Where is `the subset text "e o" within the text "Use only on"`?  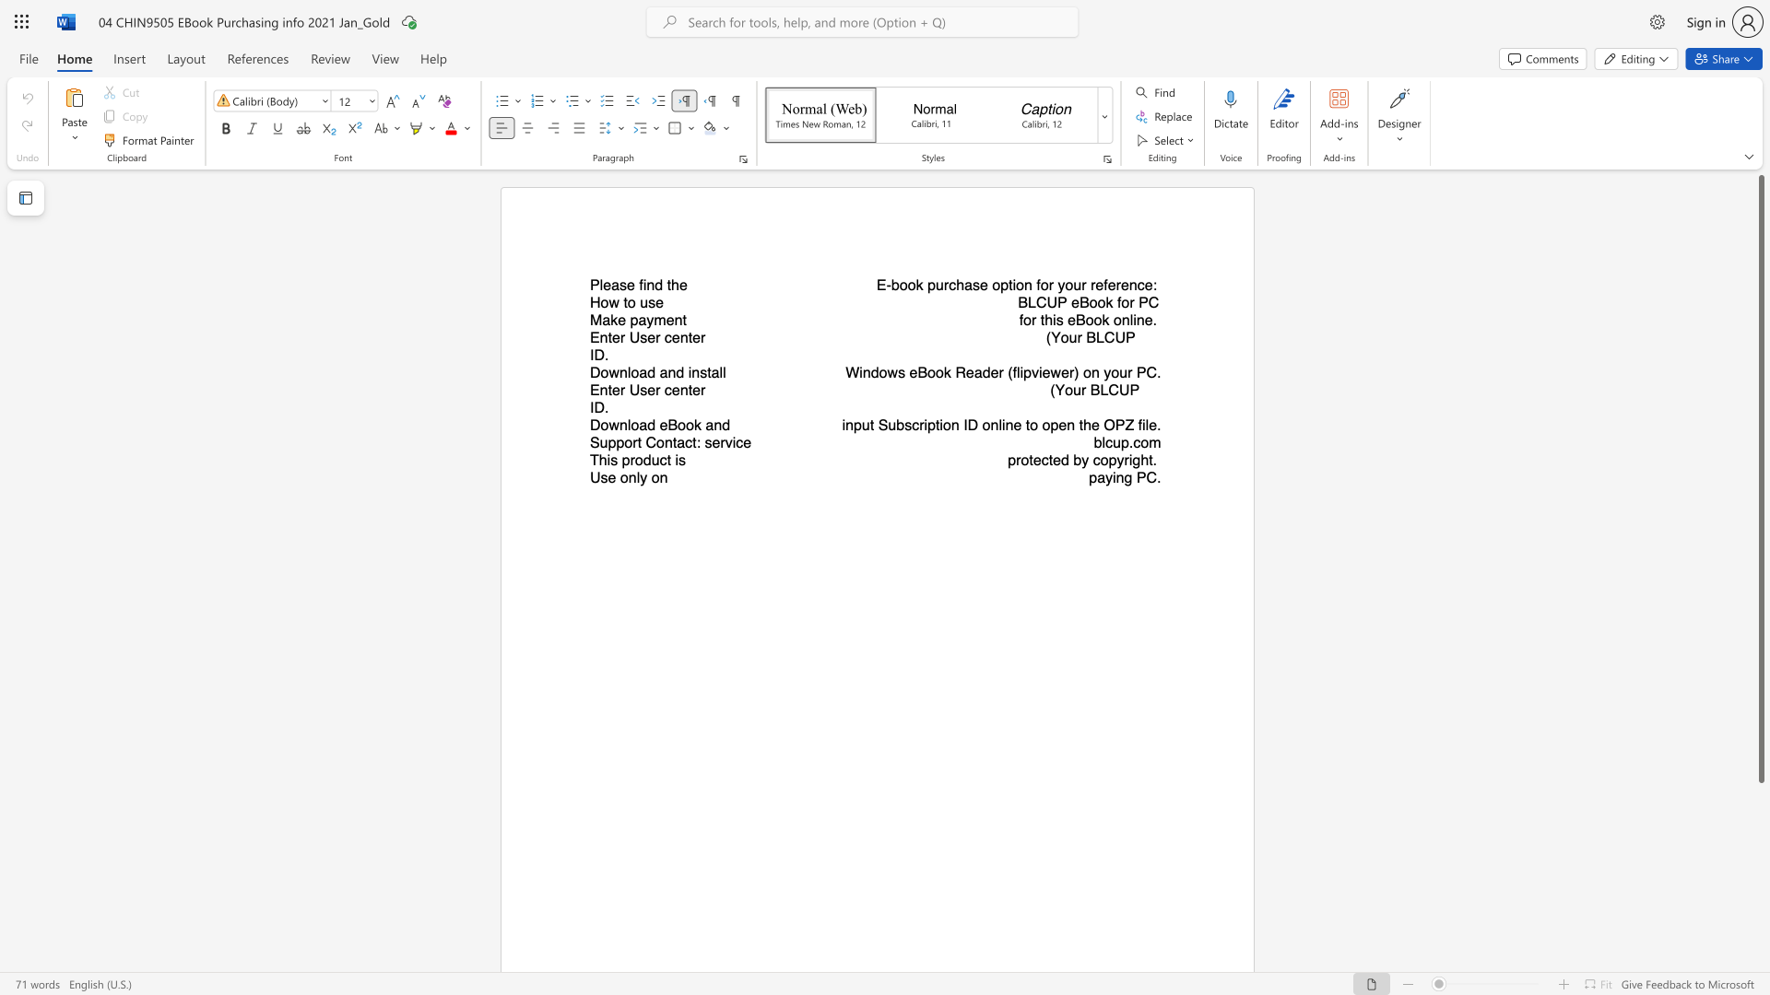
the subset text "e o" within the text "Use only on" is located at coordinates (608, 476).